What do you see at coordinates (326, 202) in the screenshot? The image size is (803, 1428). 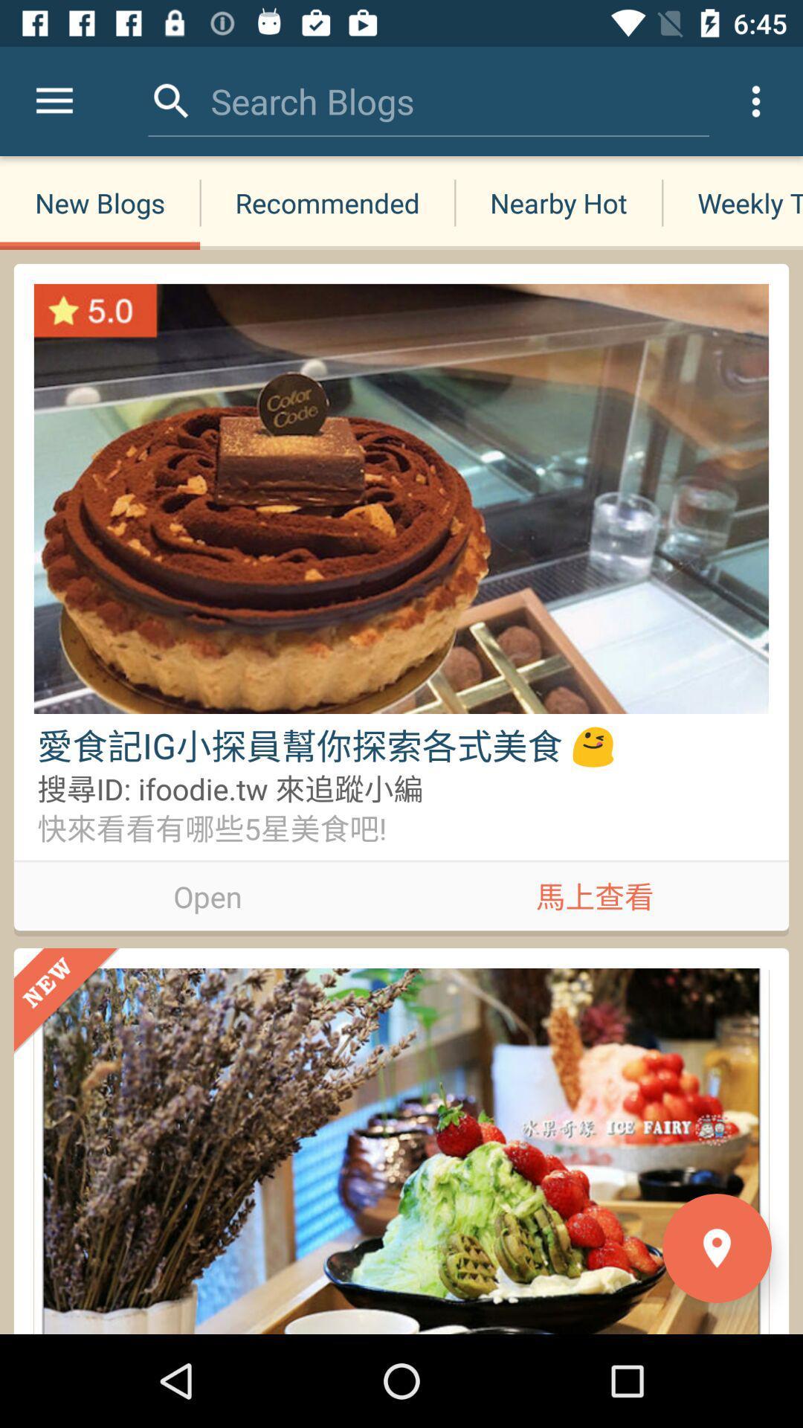 I see `the recommended item` at bounding box center [326, 202].